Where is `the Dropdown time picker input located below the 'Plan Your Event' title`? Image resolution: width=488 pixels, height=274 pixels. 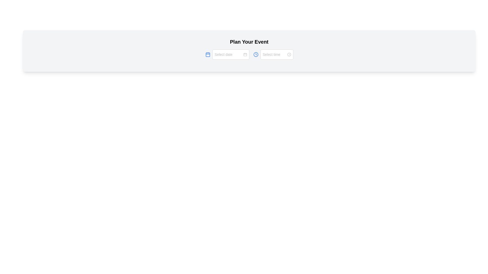
the Dropdown time picker input located below the 'Plan Your Event' title is located at coordinates (277, 55).